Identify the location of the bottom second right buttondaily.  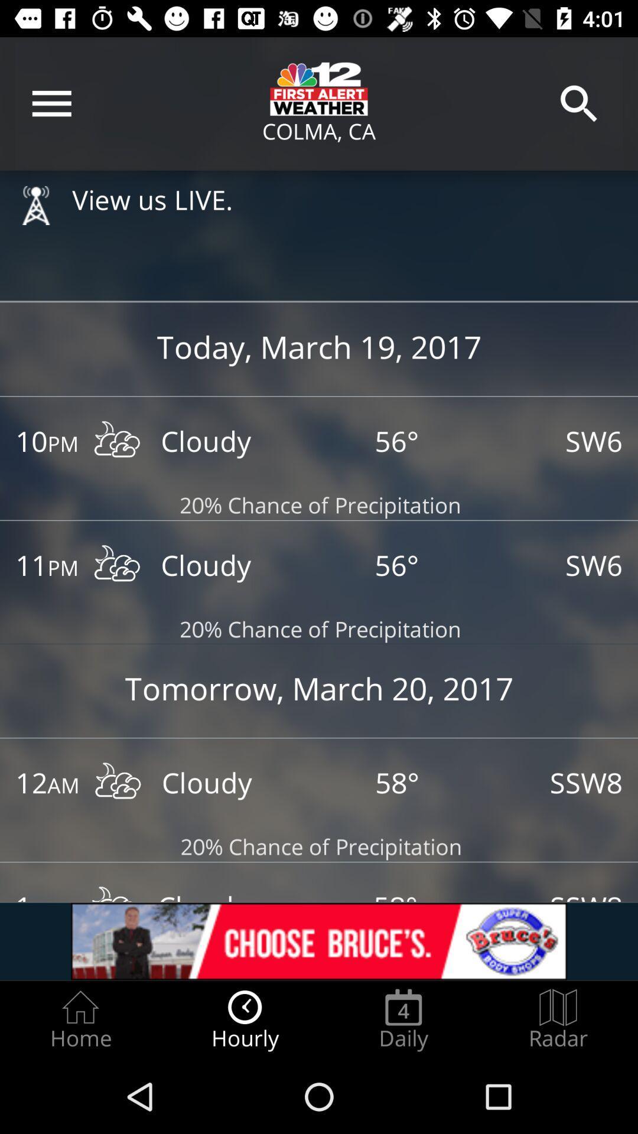
(403, 1019).